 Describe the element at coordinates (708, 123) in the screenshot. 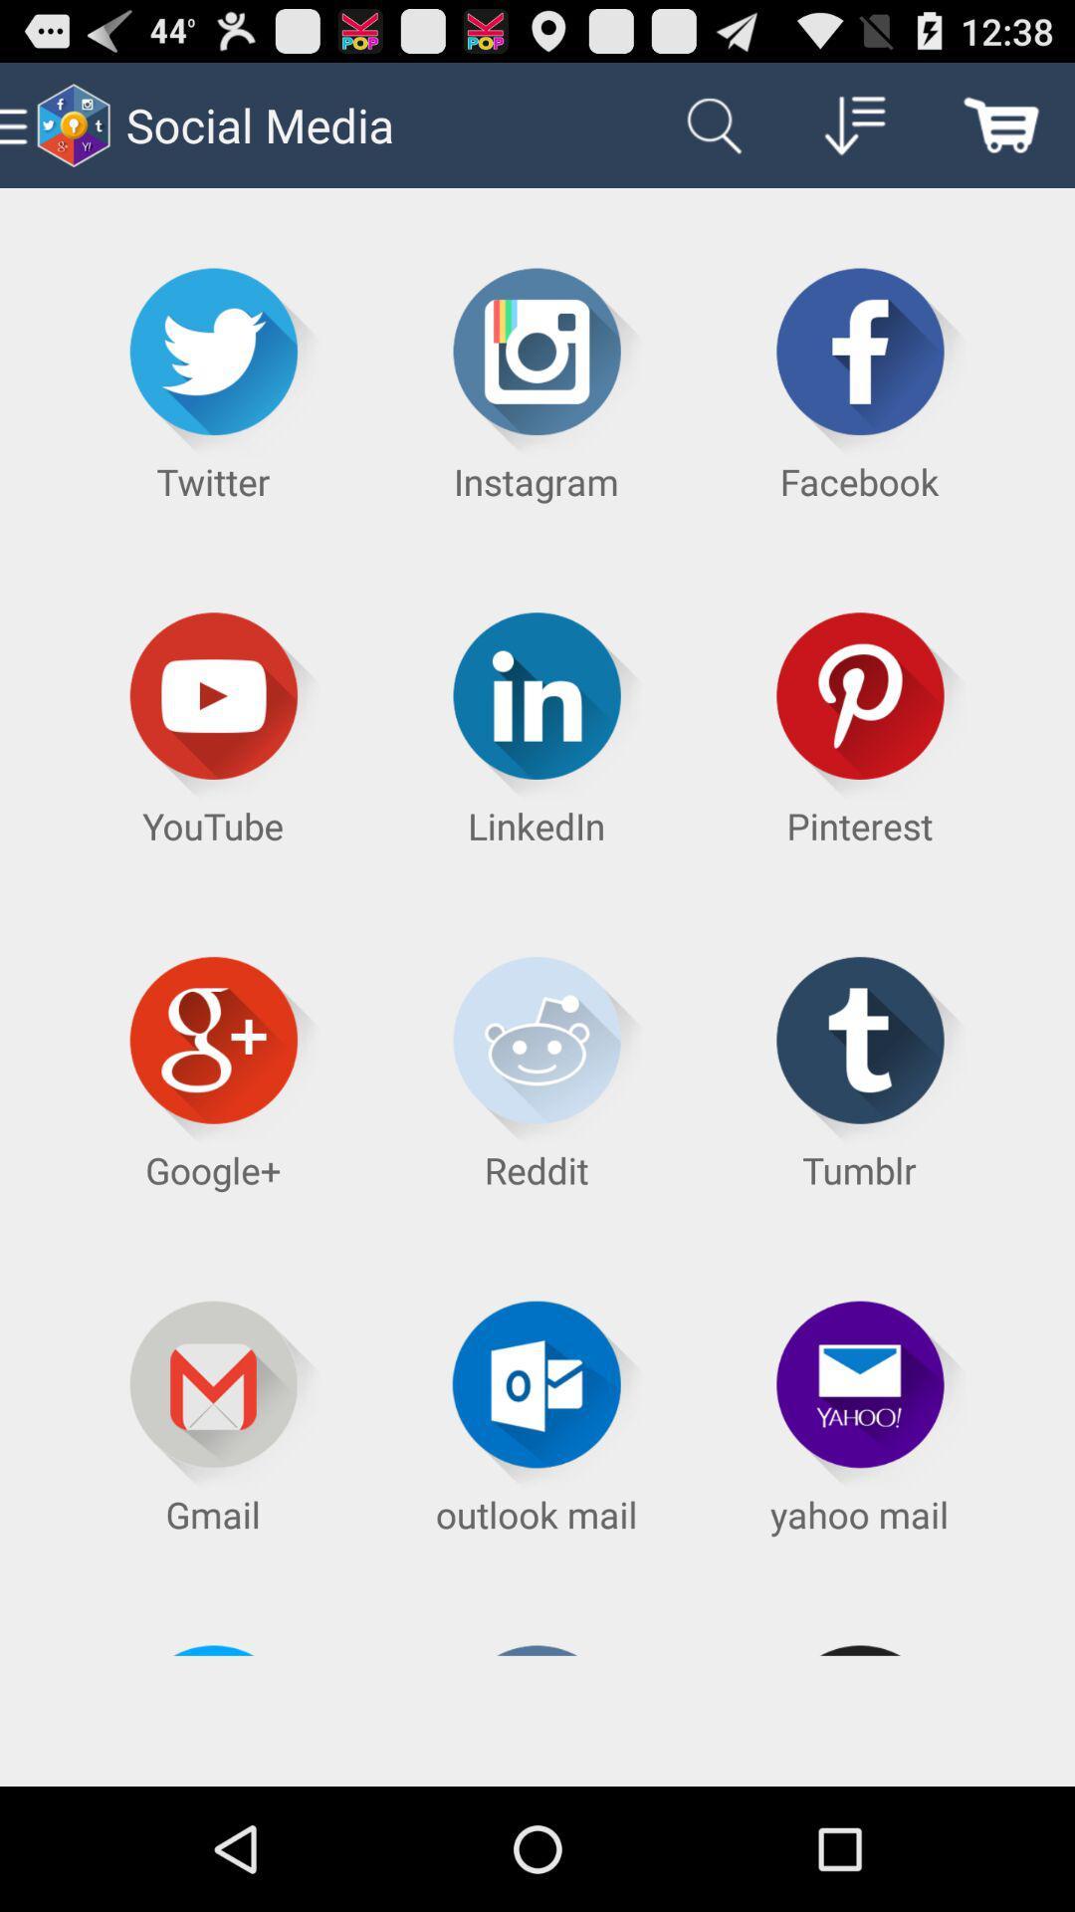

I see `app next to social media item` at that location.